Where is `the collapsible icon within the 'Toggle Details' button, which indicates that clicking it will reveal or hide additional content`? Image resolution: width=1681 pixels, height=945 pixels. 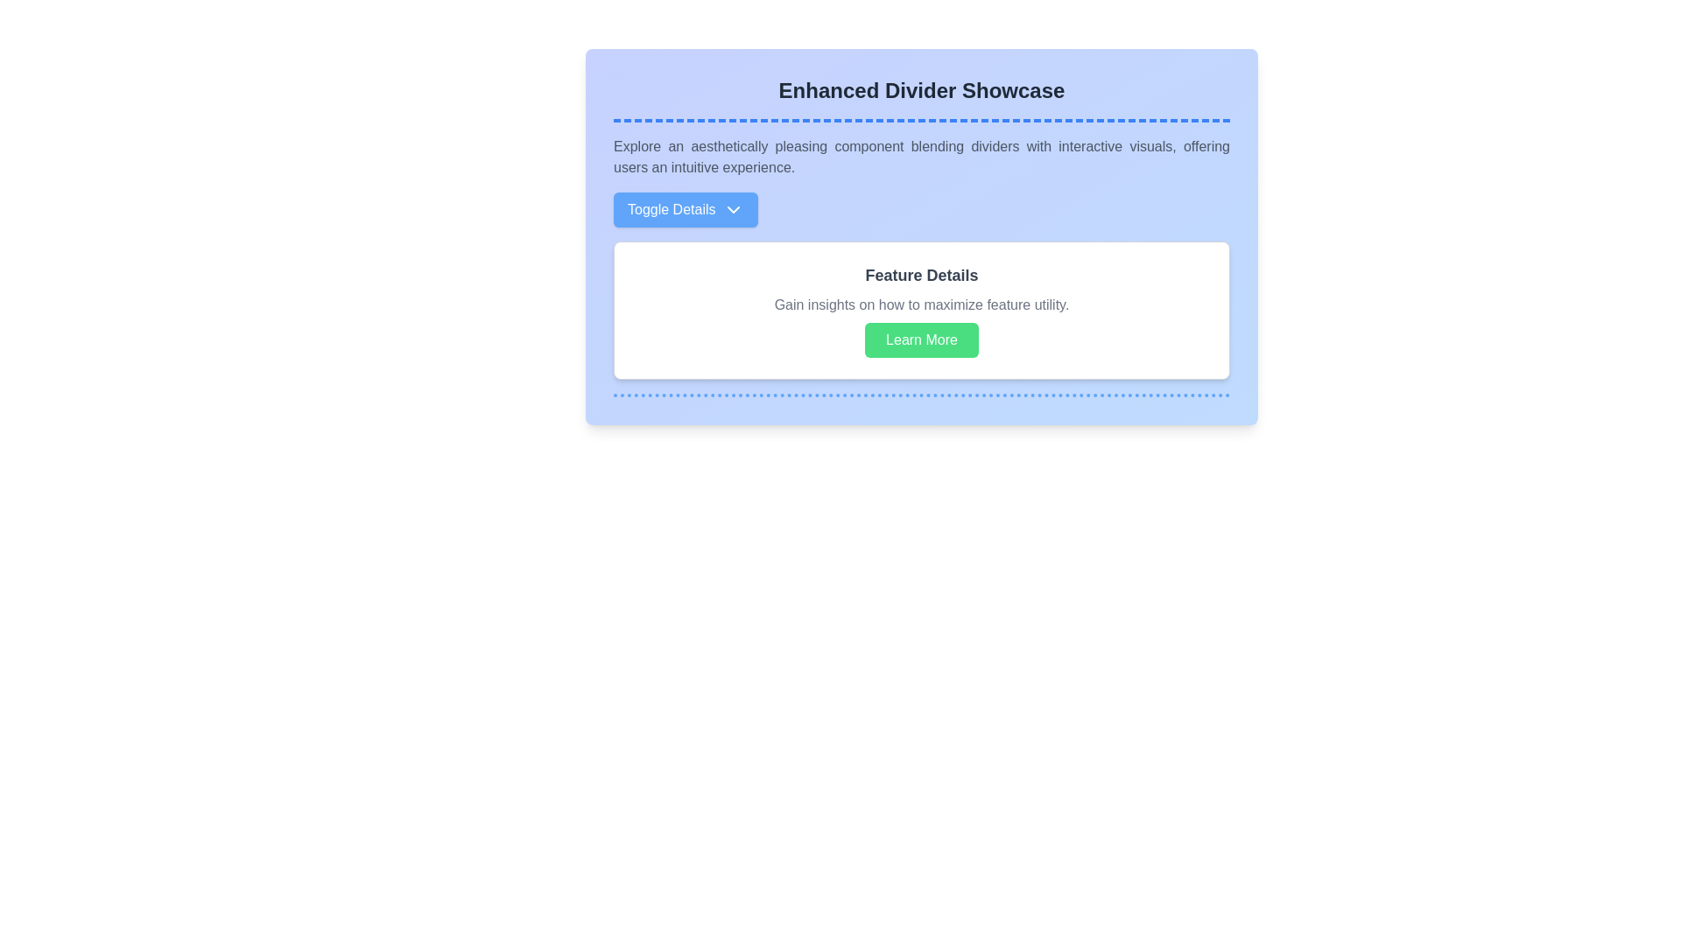 the collapsible icon within the 'Toggle Details' button, which indicates that clicking it will reveal or hide additional content is located at coordinates (733, 208).